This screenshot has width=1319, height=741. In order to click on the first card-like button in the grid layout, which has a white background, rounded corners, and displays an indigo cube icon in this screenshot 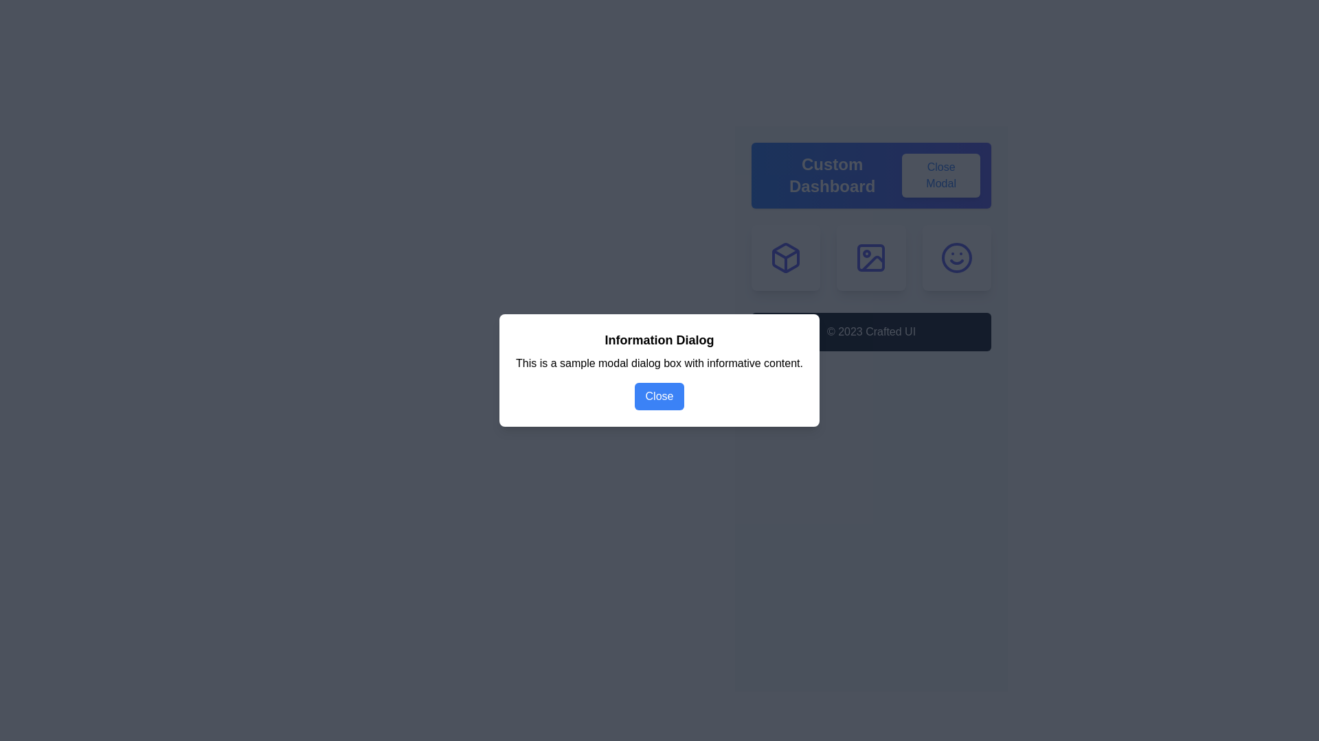, I will do `click(786, 257)`.